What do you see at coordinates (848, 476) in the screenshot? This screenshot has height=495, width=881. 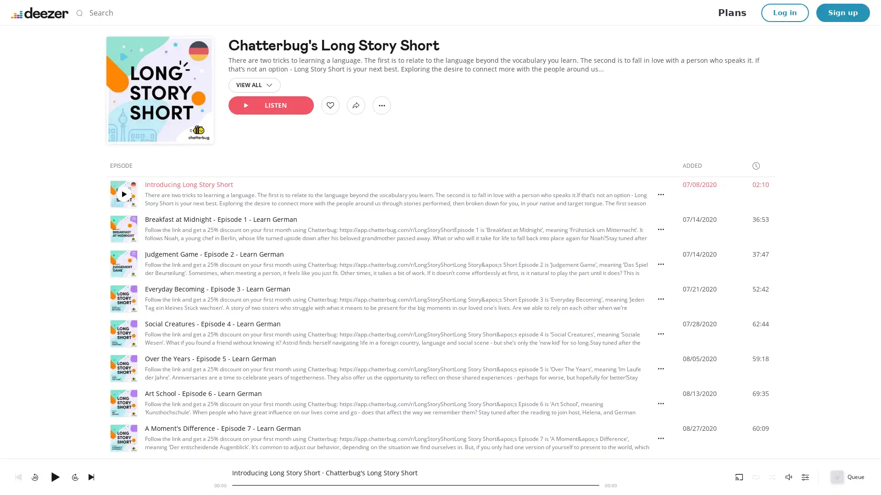 I see `Queue` at bounding box center [848, 476].